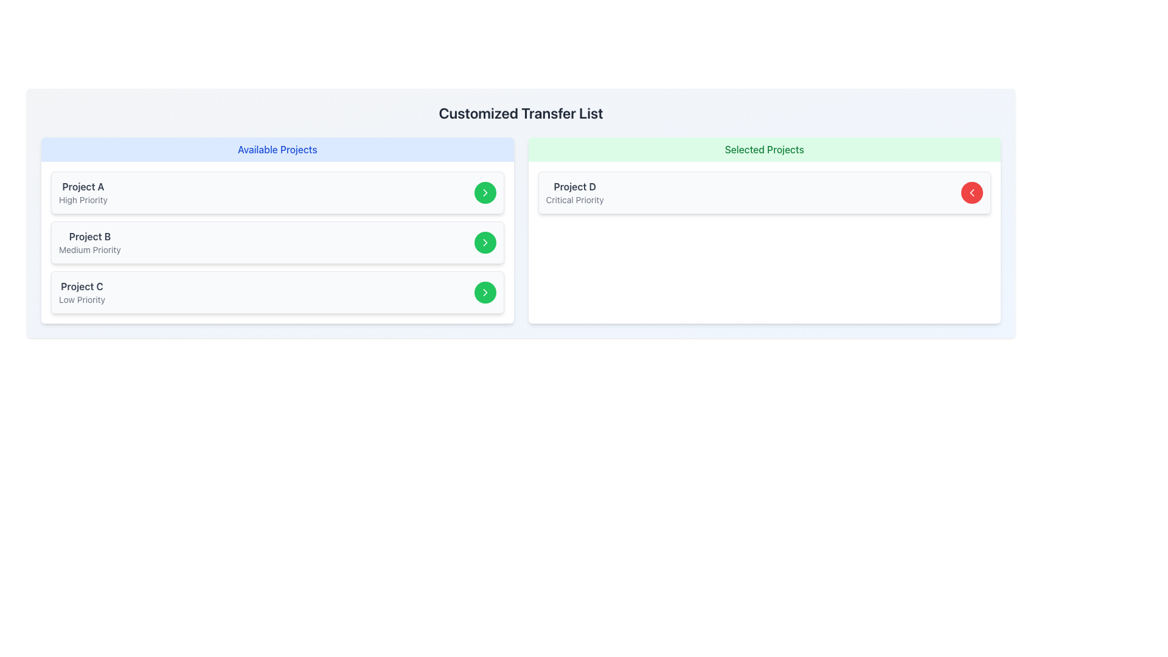 This screenshot has width=1168, height=657. I want to click on the Text Label in the 'Available Projects' section, located in the second row above 'Medium Priority', so click(89, 237).